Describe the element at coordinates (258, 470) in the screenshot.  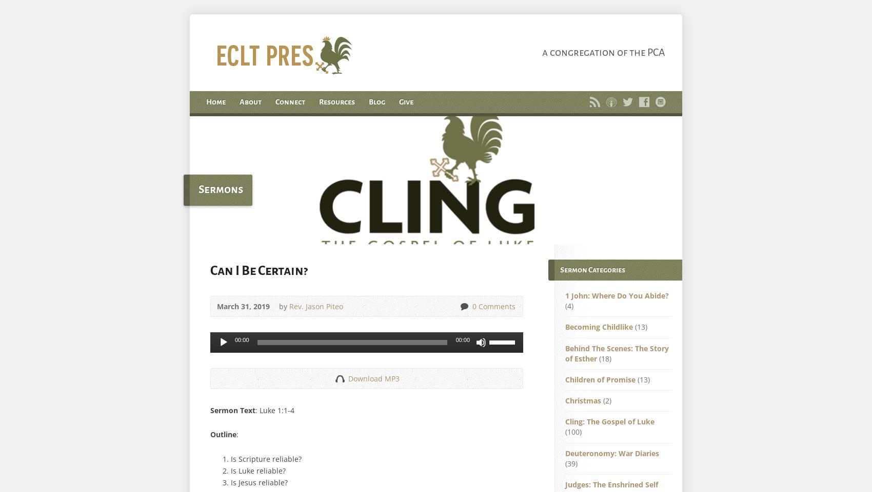
I see `'Is Luke reliable?'` at that location.